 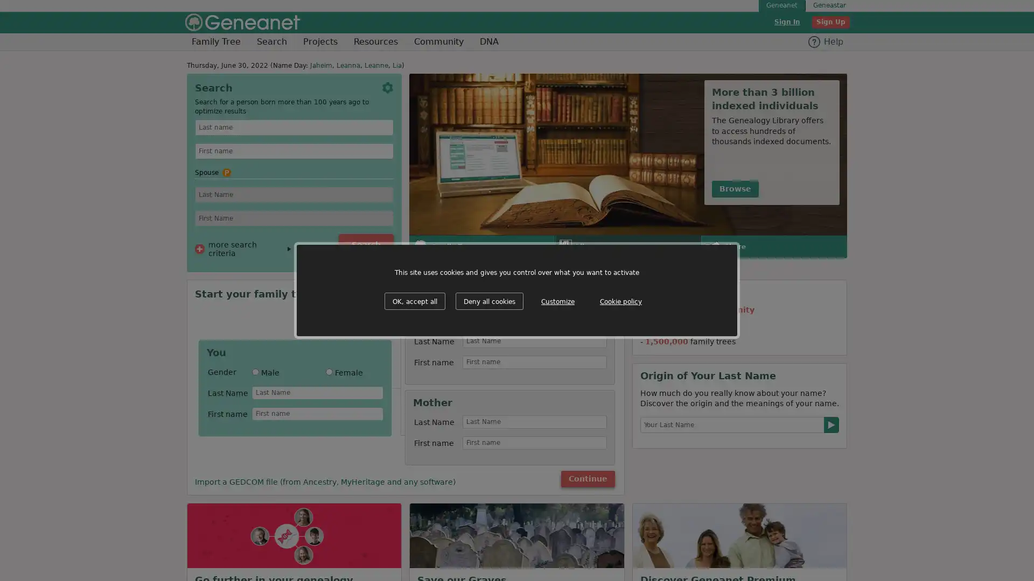 I want to click on Customize, so click(x=558, y=301).